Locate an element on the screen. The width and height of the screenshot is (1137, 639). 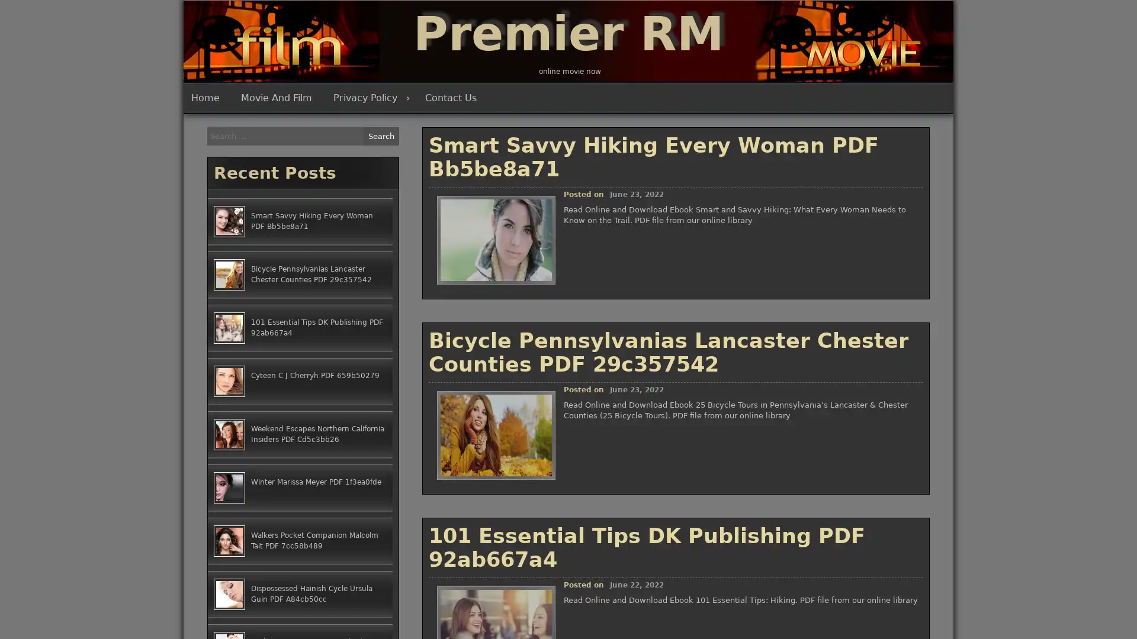
Search is located at coordinates (381, 135).